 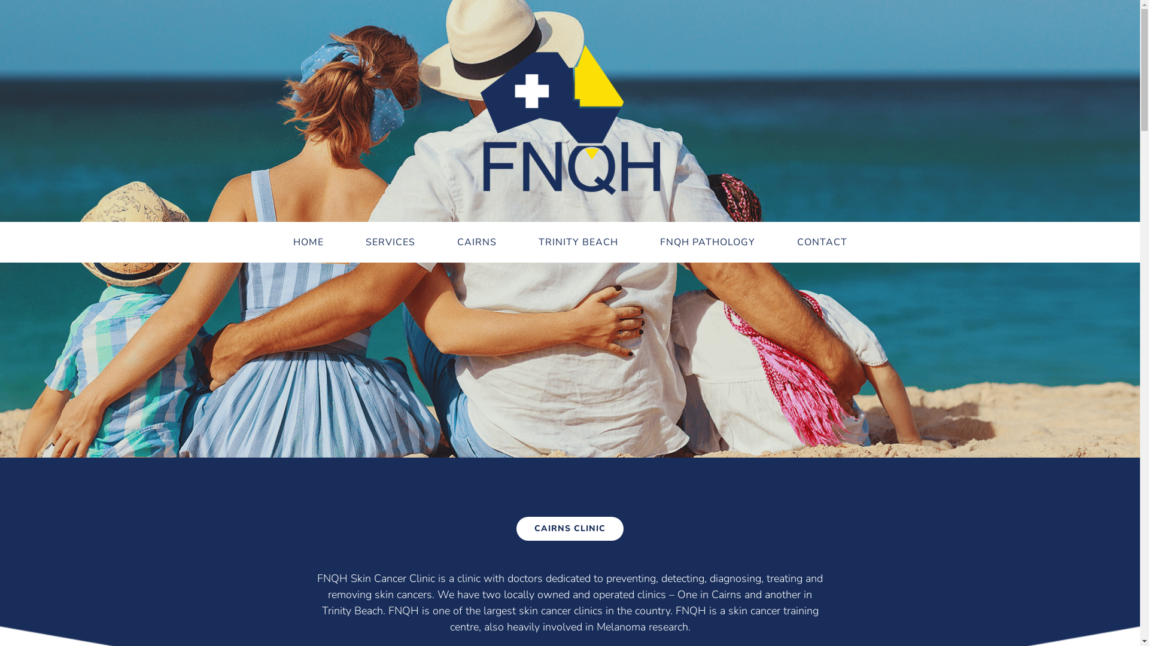 What do you see at coordinates (476, 242) in the screenshot?
I see `'CAIRNS'` at bounding box center [476, 242].